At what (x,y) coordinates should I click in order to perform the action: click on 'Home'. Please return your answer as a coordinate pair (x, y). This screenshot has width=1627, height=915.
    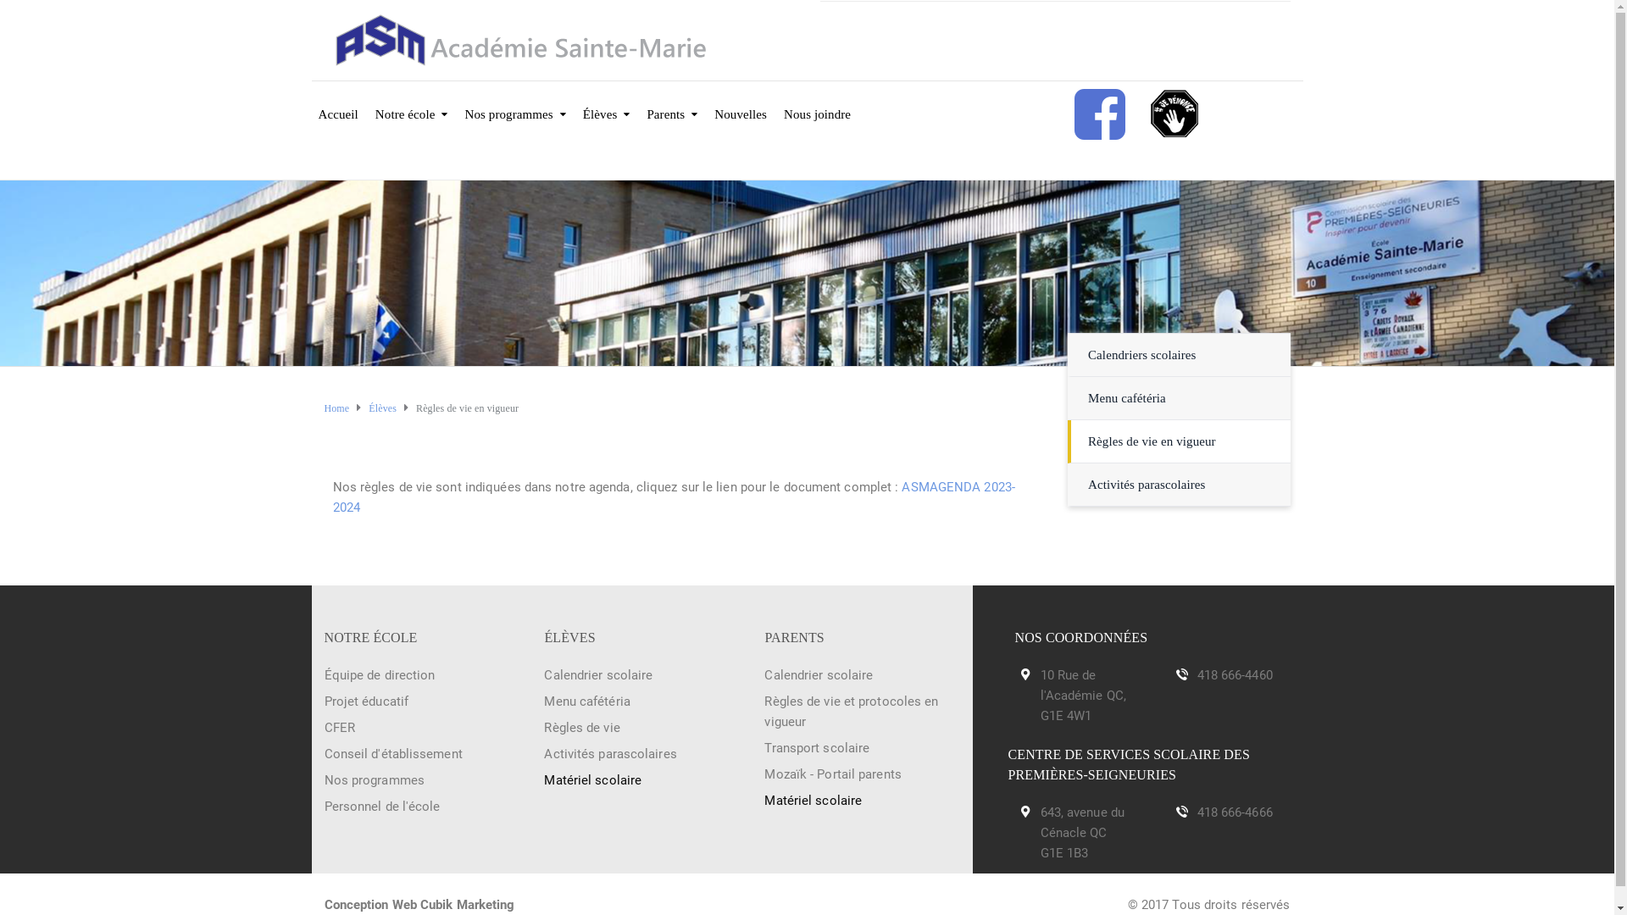
    Looking at the image, I should click on (336, 408).